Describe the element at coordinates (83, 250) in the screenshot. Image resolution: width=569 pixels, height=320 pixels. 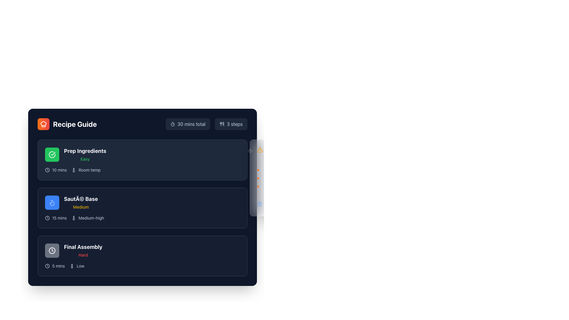
I see `the static text element providing information about the 'Final Assembly' step with a difficulty level of 'Hard'` at that location.